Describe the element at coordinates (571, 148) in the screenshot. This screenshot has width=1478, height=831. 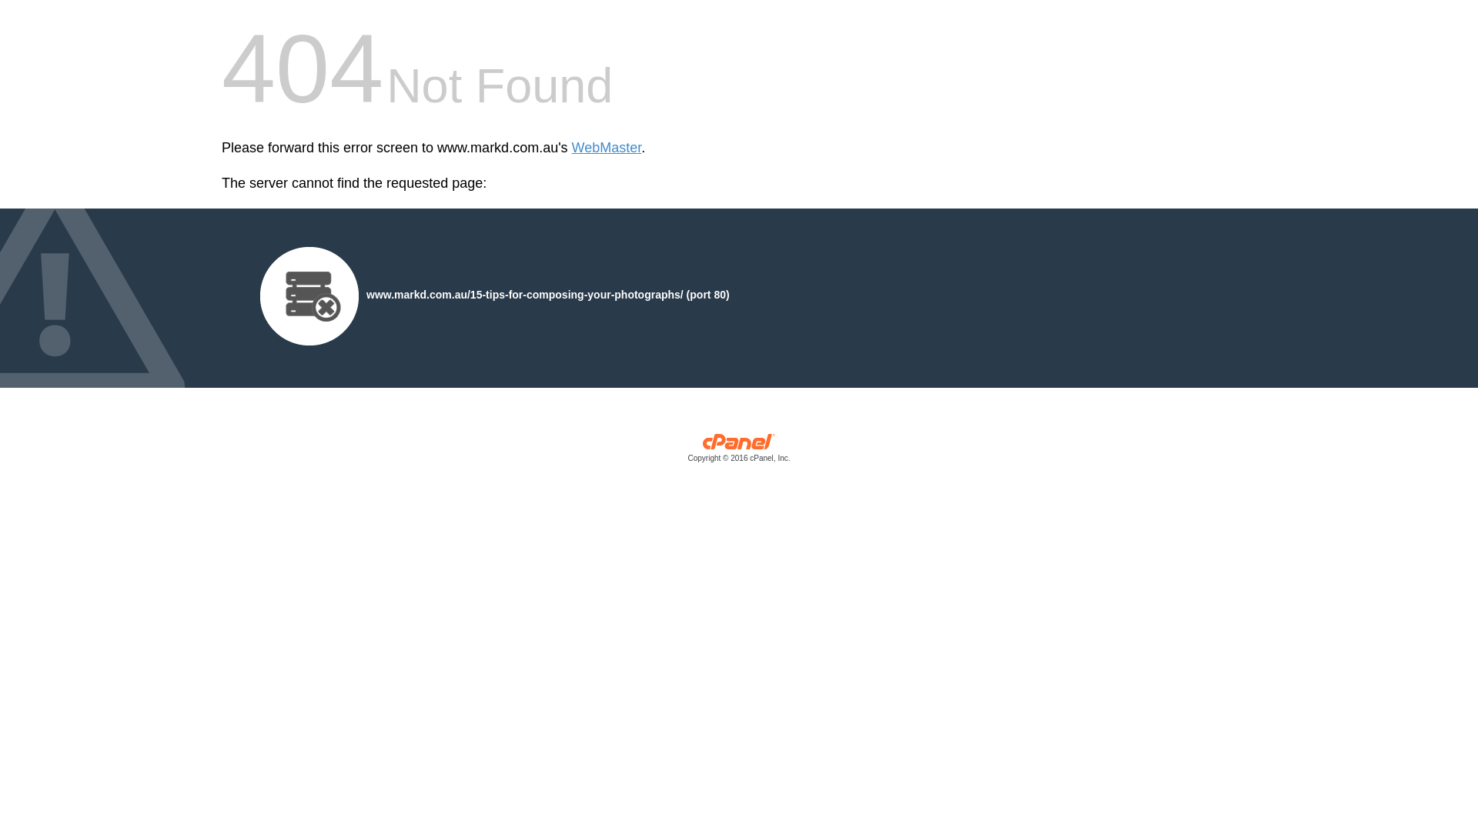
I see `'WebMaster'` at that location.